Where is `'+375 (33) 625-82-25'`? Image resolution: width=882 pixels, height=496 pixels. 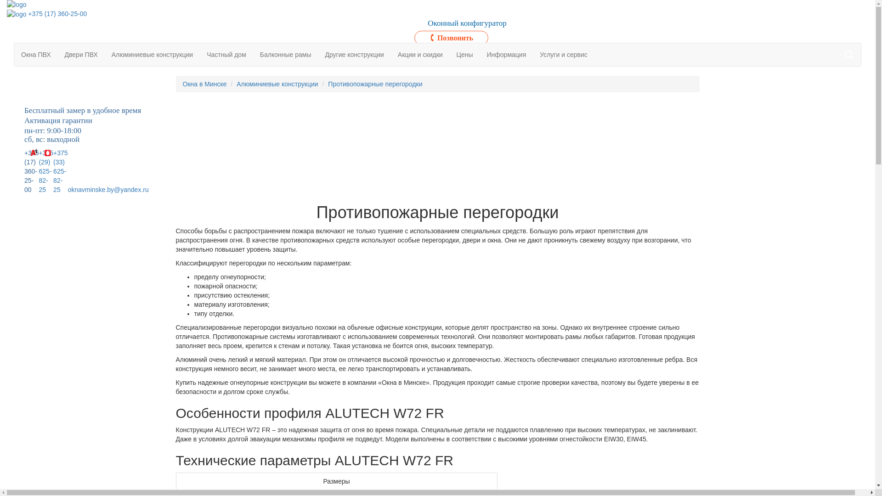 '+375 (33) 625-82-25' is located at coordinates (52, 171).